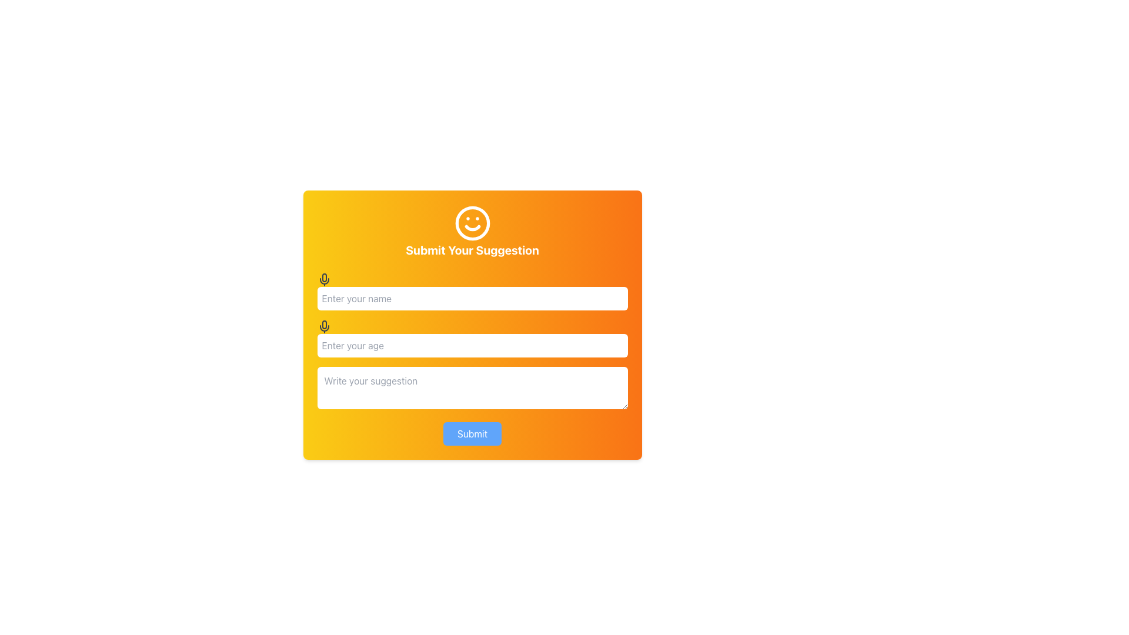 The width and height of the screenshot is (1129, 635). What do you see at coordinates (324, 326) in the screenshot?
I see `the gray microphone icon located to the left of the input field with the placeholder 'Enter your age'` at bounding box center [324, 326].